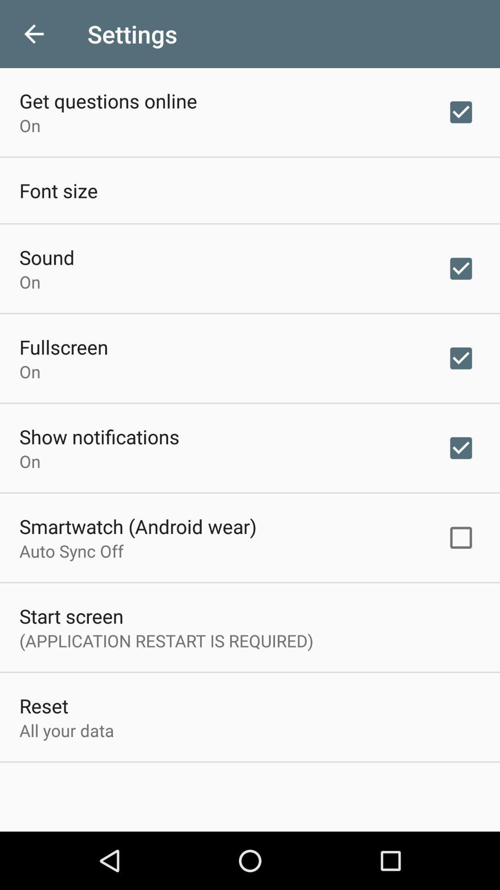 The width and height of the screenshot is (500, 890). What do you see at coordinates (33, 34) in the screenshot?
I see `the item to the left of the settings` at bounding box center [33, 34].